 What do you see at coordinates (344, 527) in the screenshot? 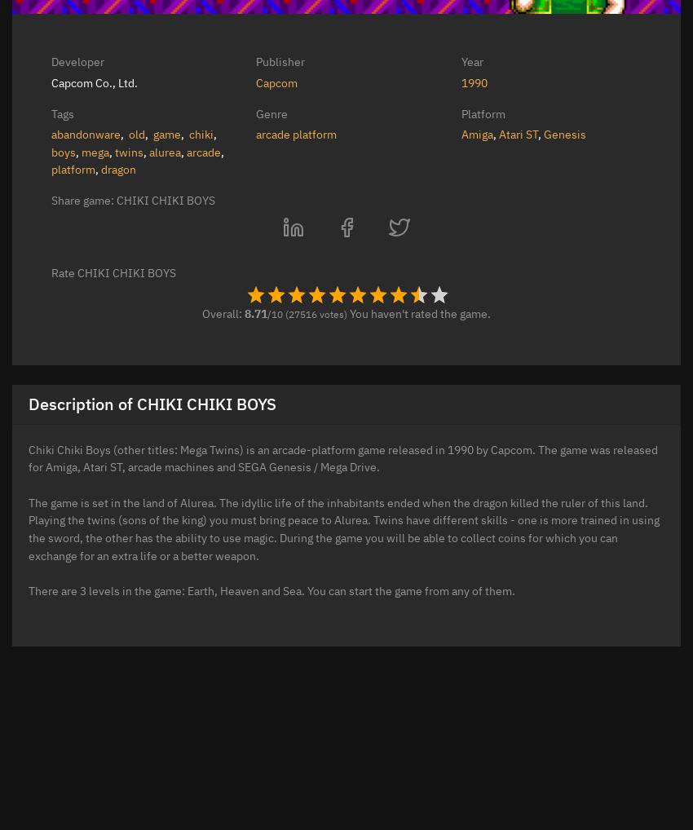
I see `'The game is set in the land of Alurea. The idyllic life of the inhabitants ended when the dragon killed the ruler of this land. Playing the twins (sons of the king) you must bring peace to Alurea. Twins have different skills - one is more trained in using the sword, the other has the ability to use magic. During the game you will be able to collect coins for which you can exchange for an extra life or a better weapon.'` at bounding box center [344, 527].